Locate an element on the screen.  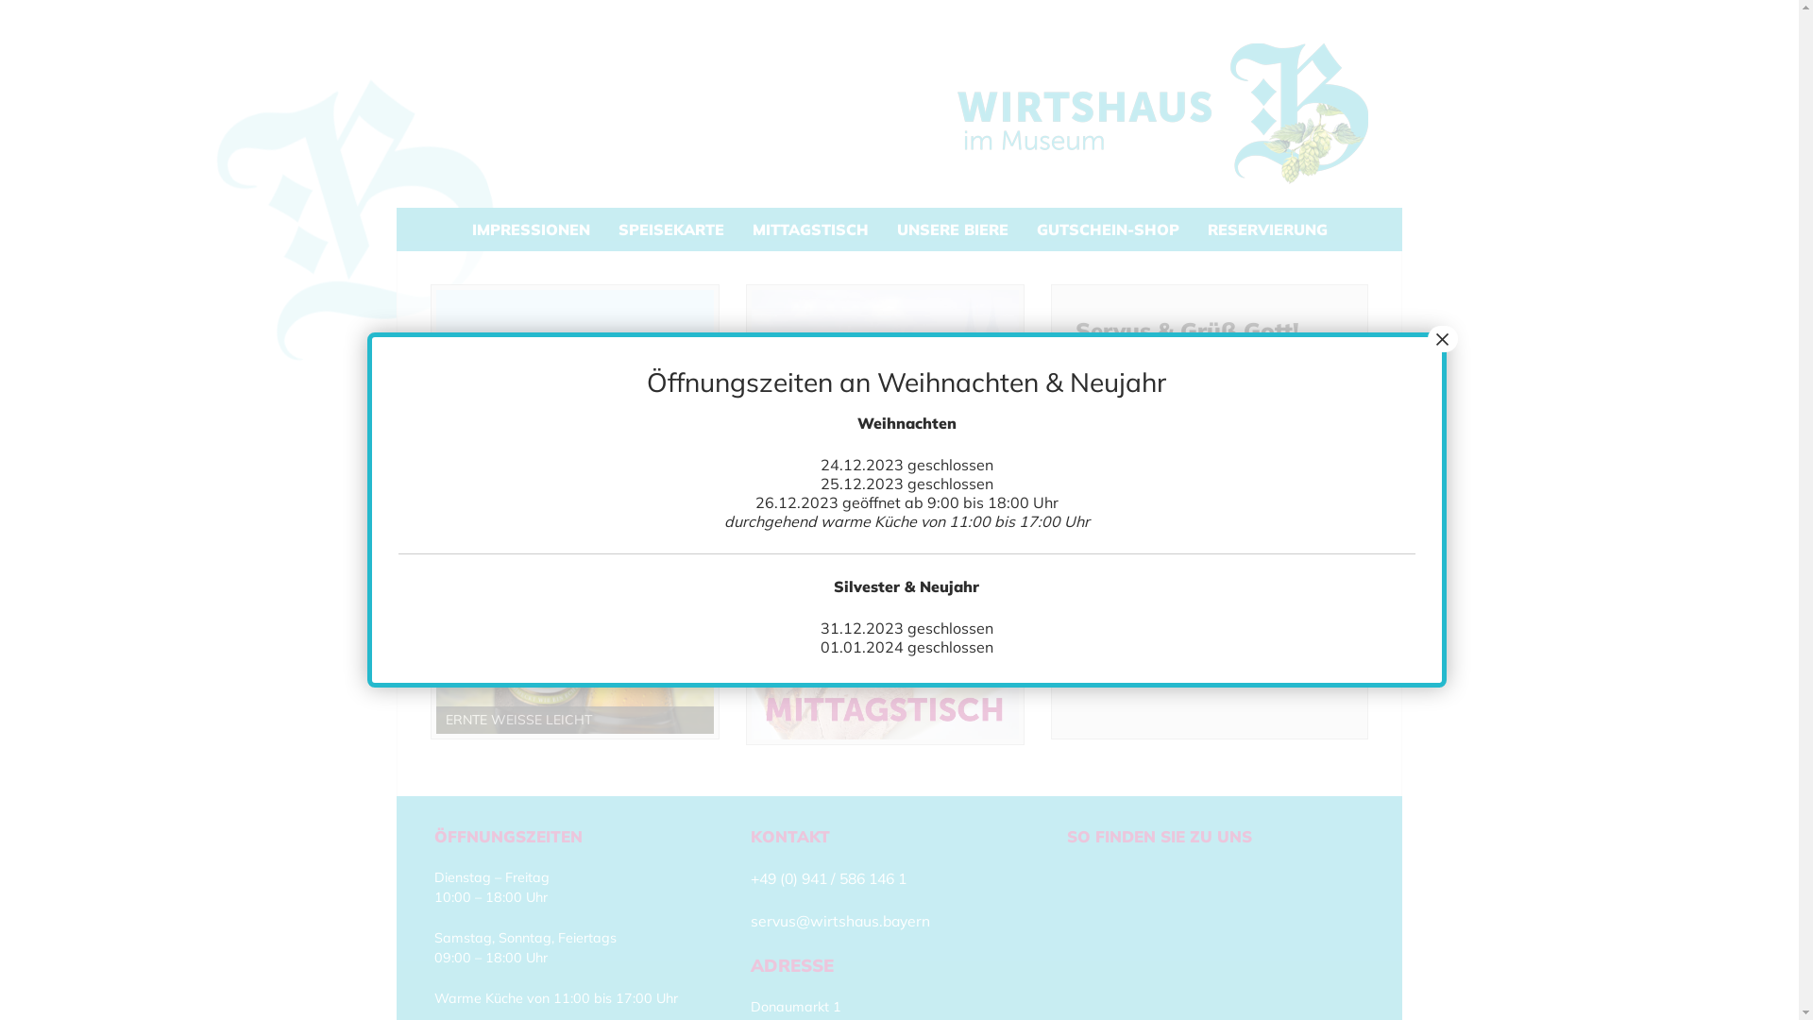
'servus@wirtshaus.bayern' is located at coordinates (839, 920).